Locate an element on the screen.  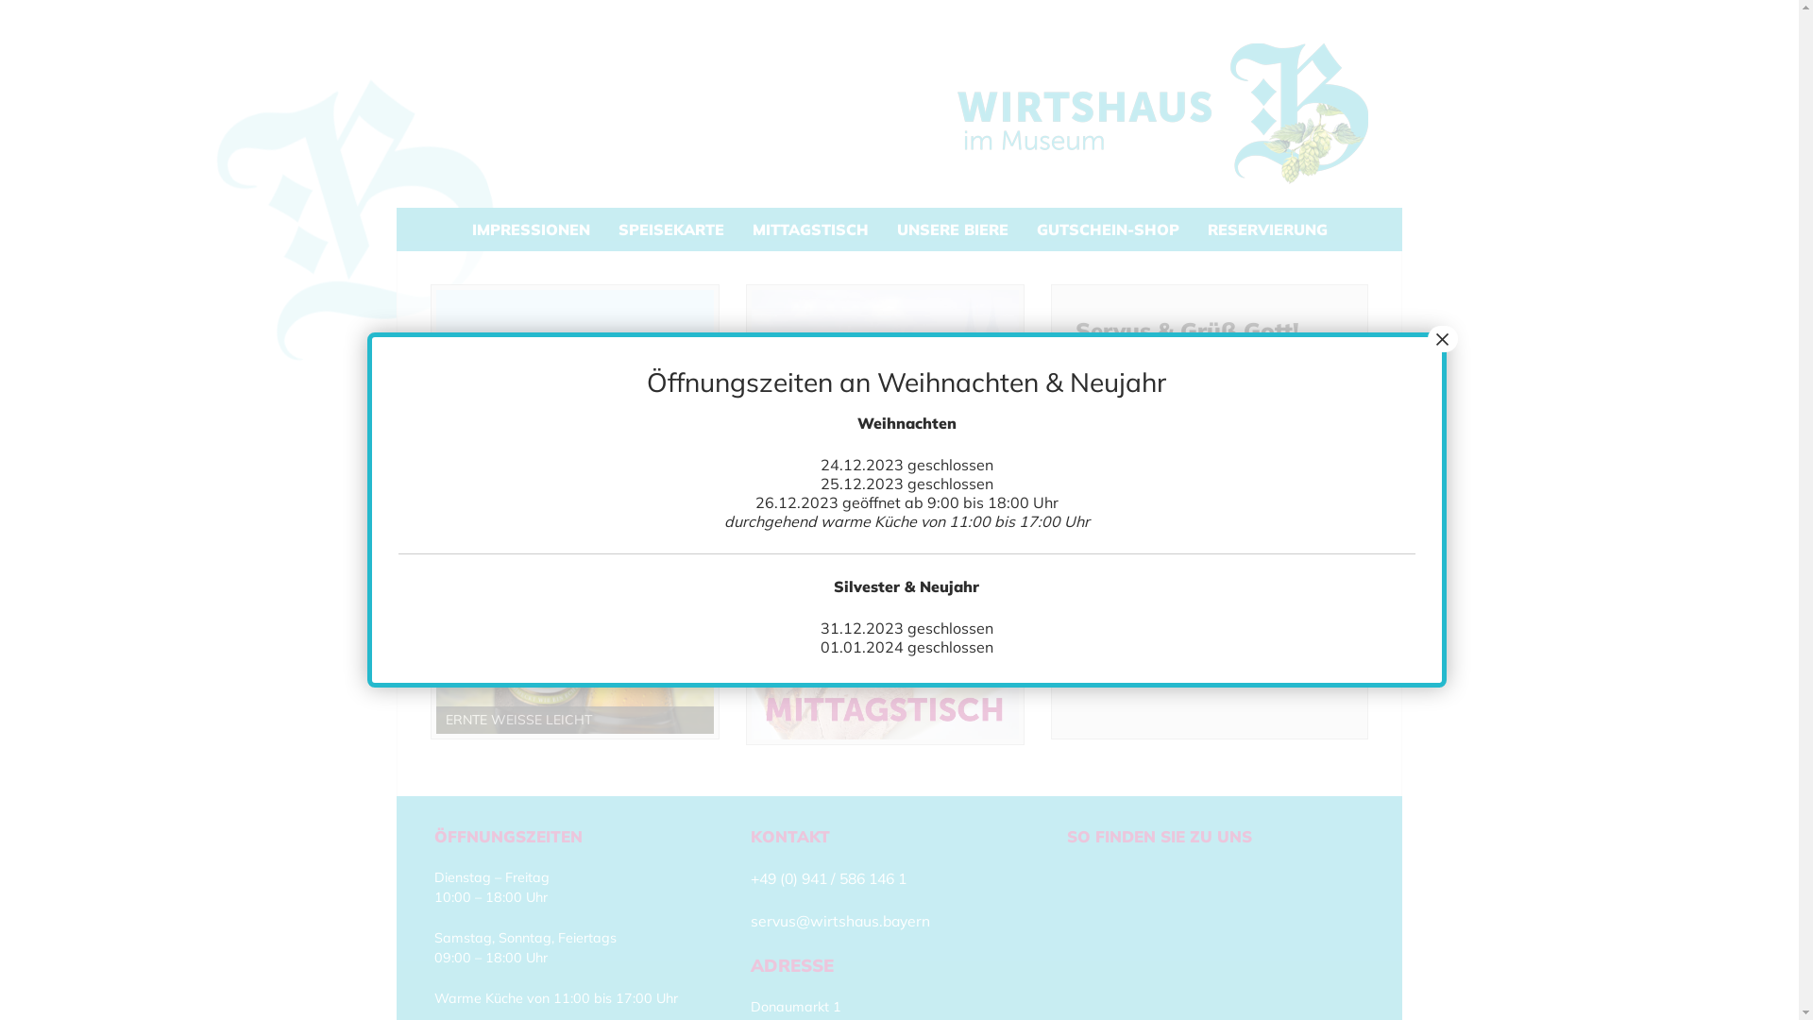
'servus@wirtshaus.bayern' is located at coordinates (839, 920).